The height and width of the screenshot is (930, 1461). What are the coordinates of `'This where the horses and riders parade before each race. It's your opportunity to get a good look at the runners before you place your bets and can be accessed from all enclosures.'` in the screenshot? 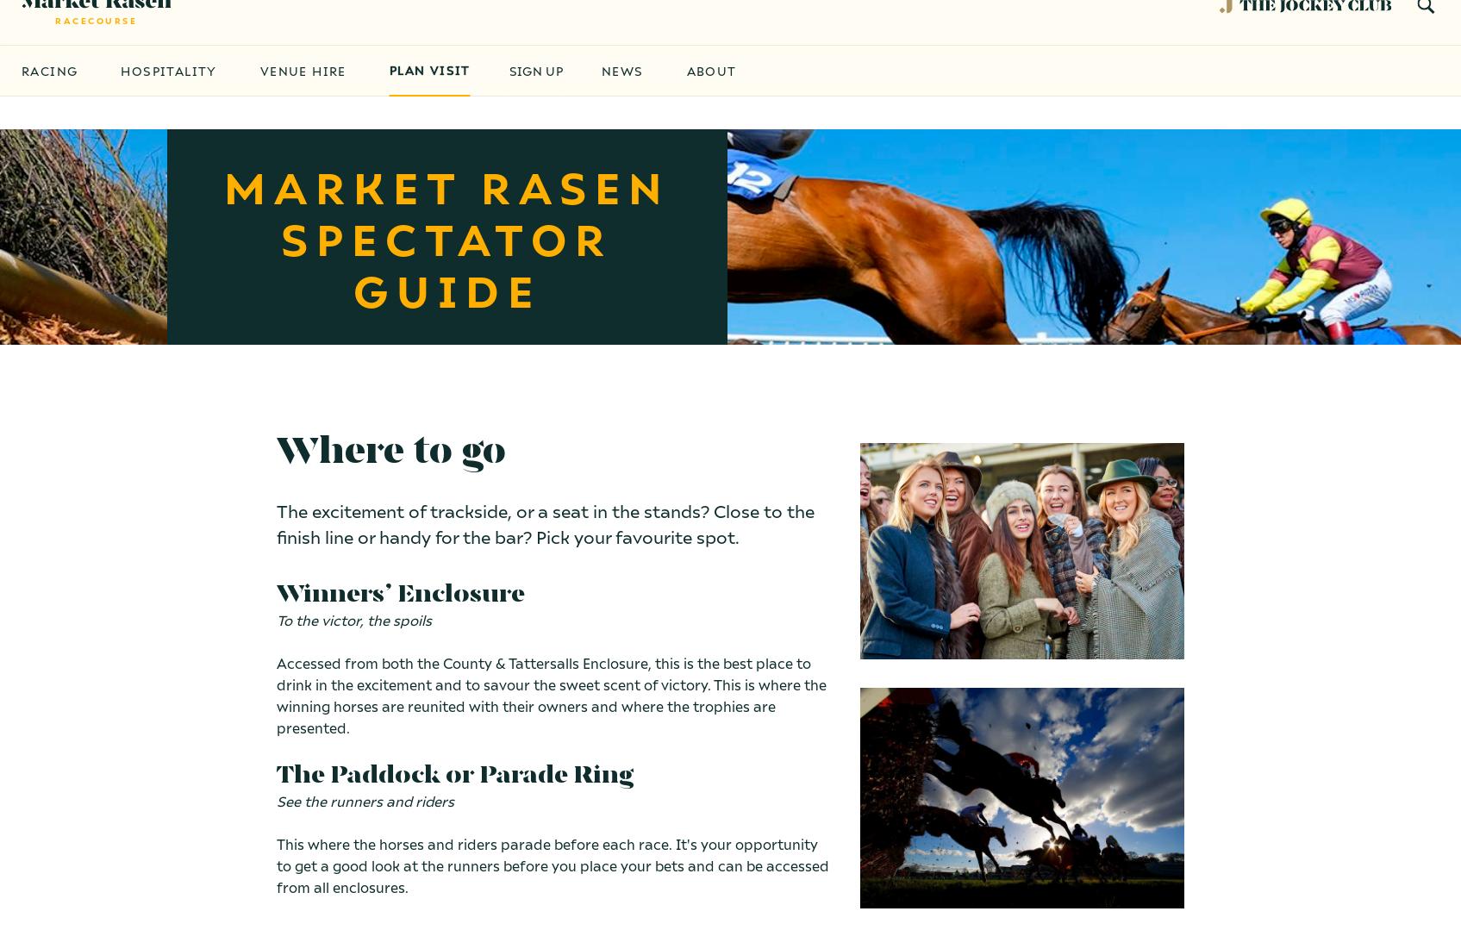 It's located at (551, 865).